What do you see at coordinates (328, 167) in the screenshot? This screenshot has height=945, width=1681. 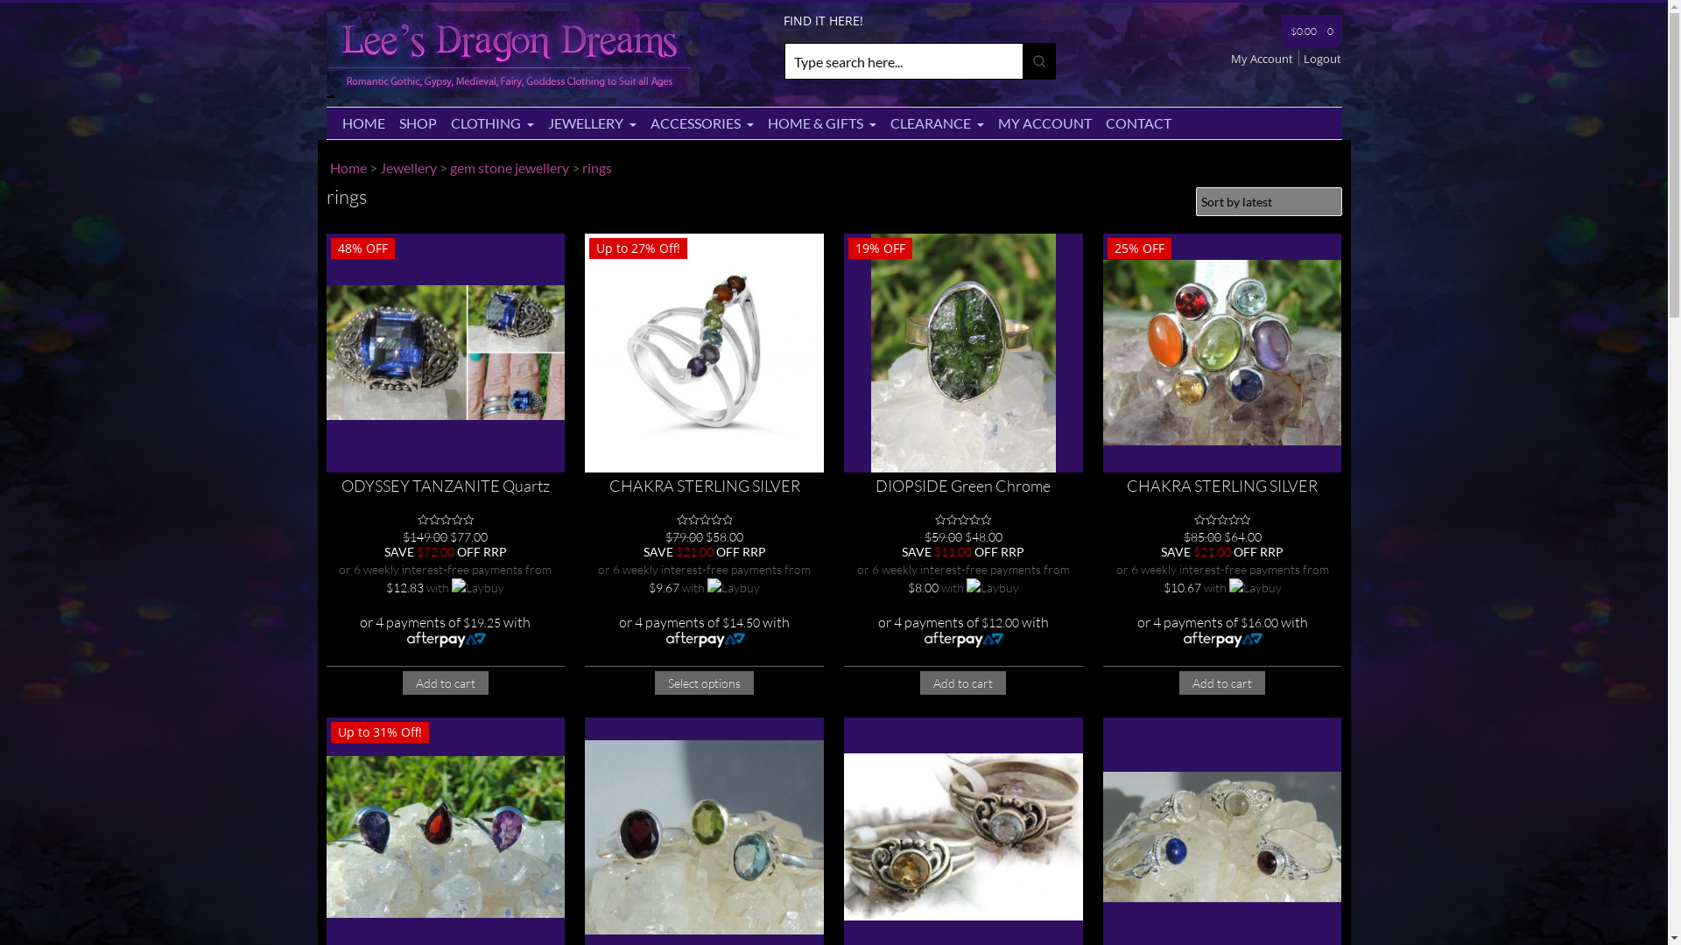 I see `'Home'` at bounding box center [328, 167].